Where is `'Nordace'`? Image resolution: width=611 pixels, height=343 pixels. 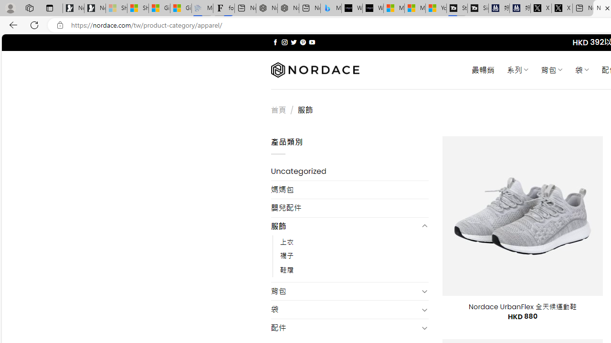
'Nordace' is located at coordinates (315, 70).